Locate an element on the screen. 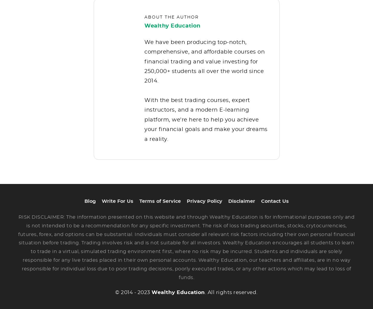 This screenshot has width=373, height=309. '2023' is located at coordinates (143, 296).